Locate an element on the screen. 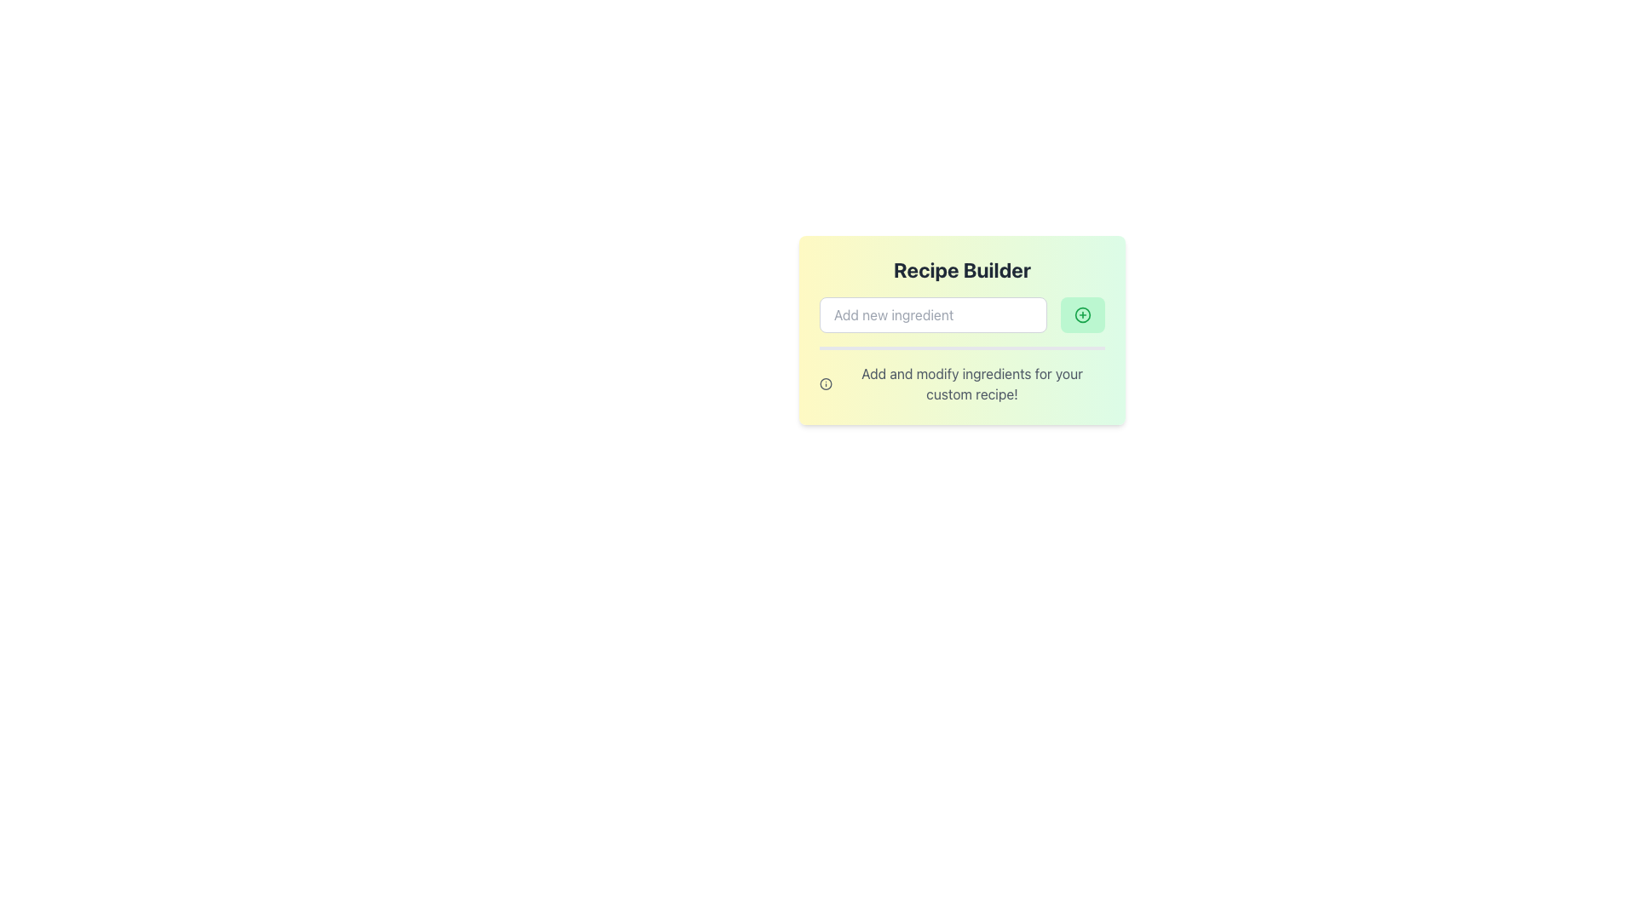  the green button is located at coordinates (1082, 315).